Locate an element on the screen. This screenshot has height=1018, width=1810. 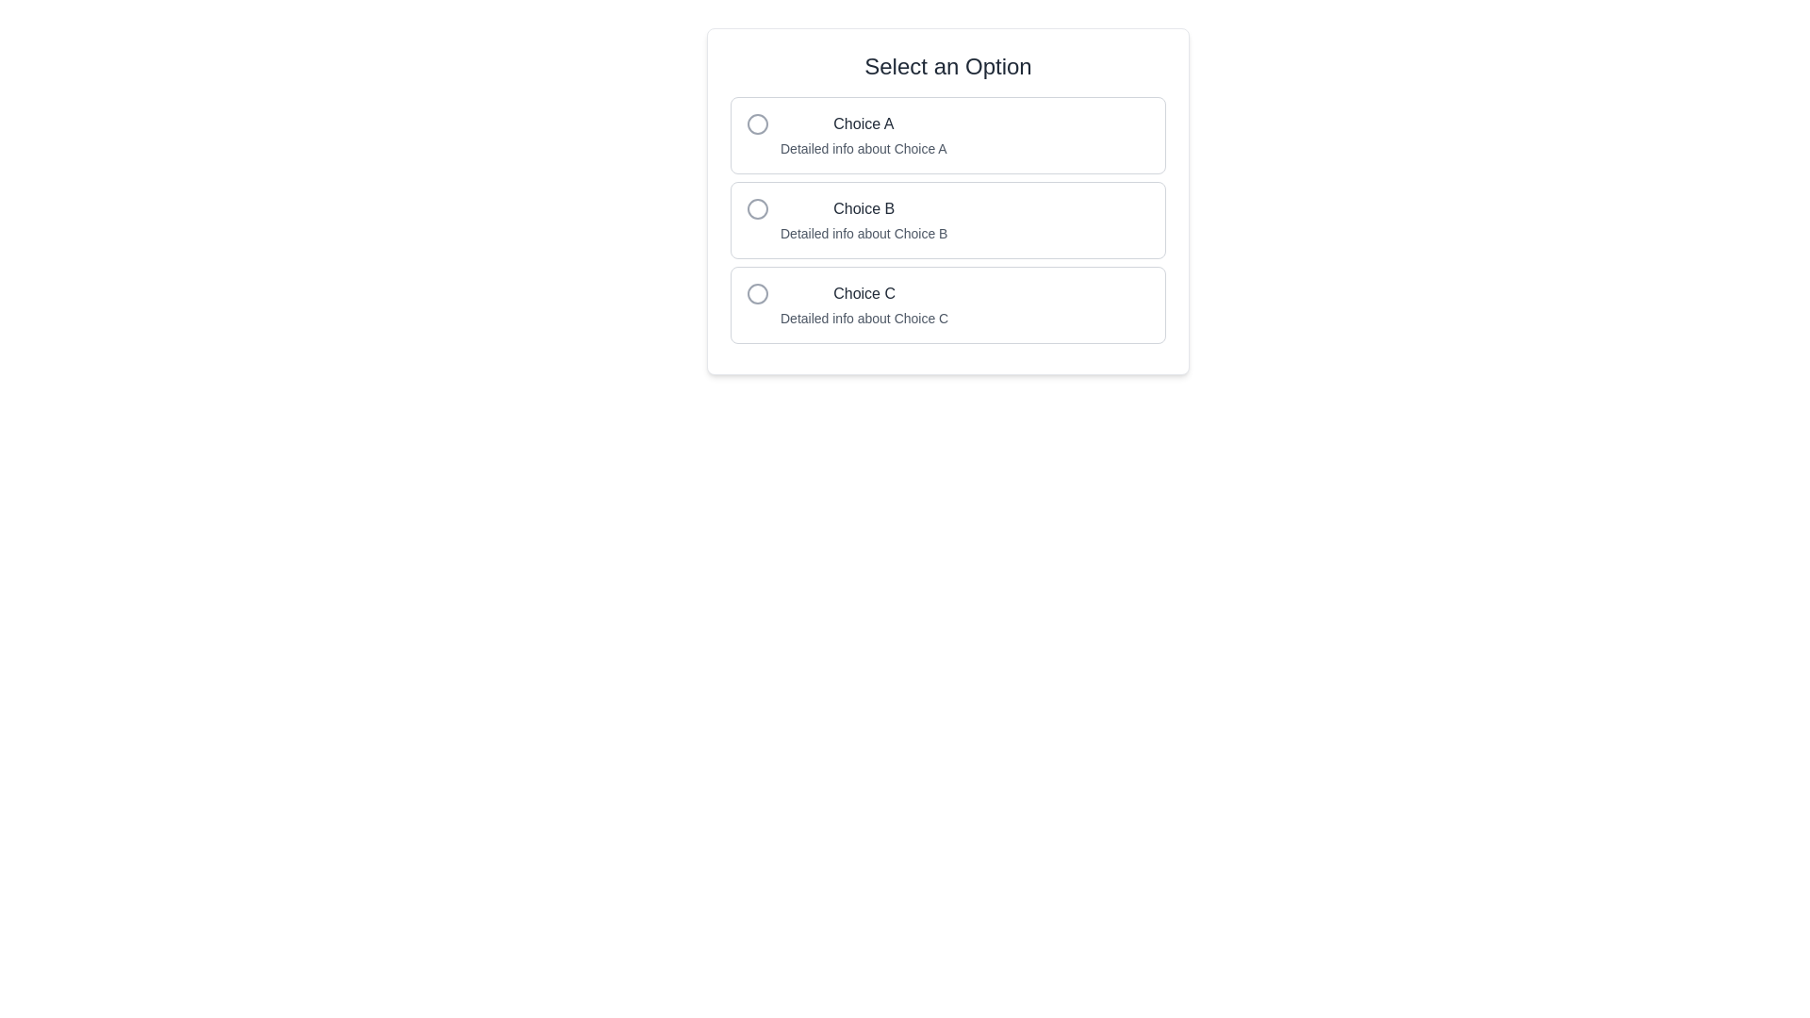
the radio button indicator located at the top left corner of the first option card labeled 'Choice A' is located at coordinates (758, 123).